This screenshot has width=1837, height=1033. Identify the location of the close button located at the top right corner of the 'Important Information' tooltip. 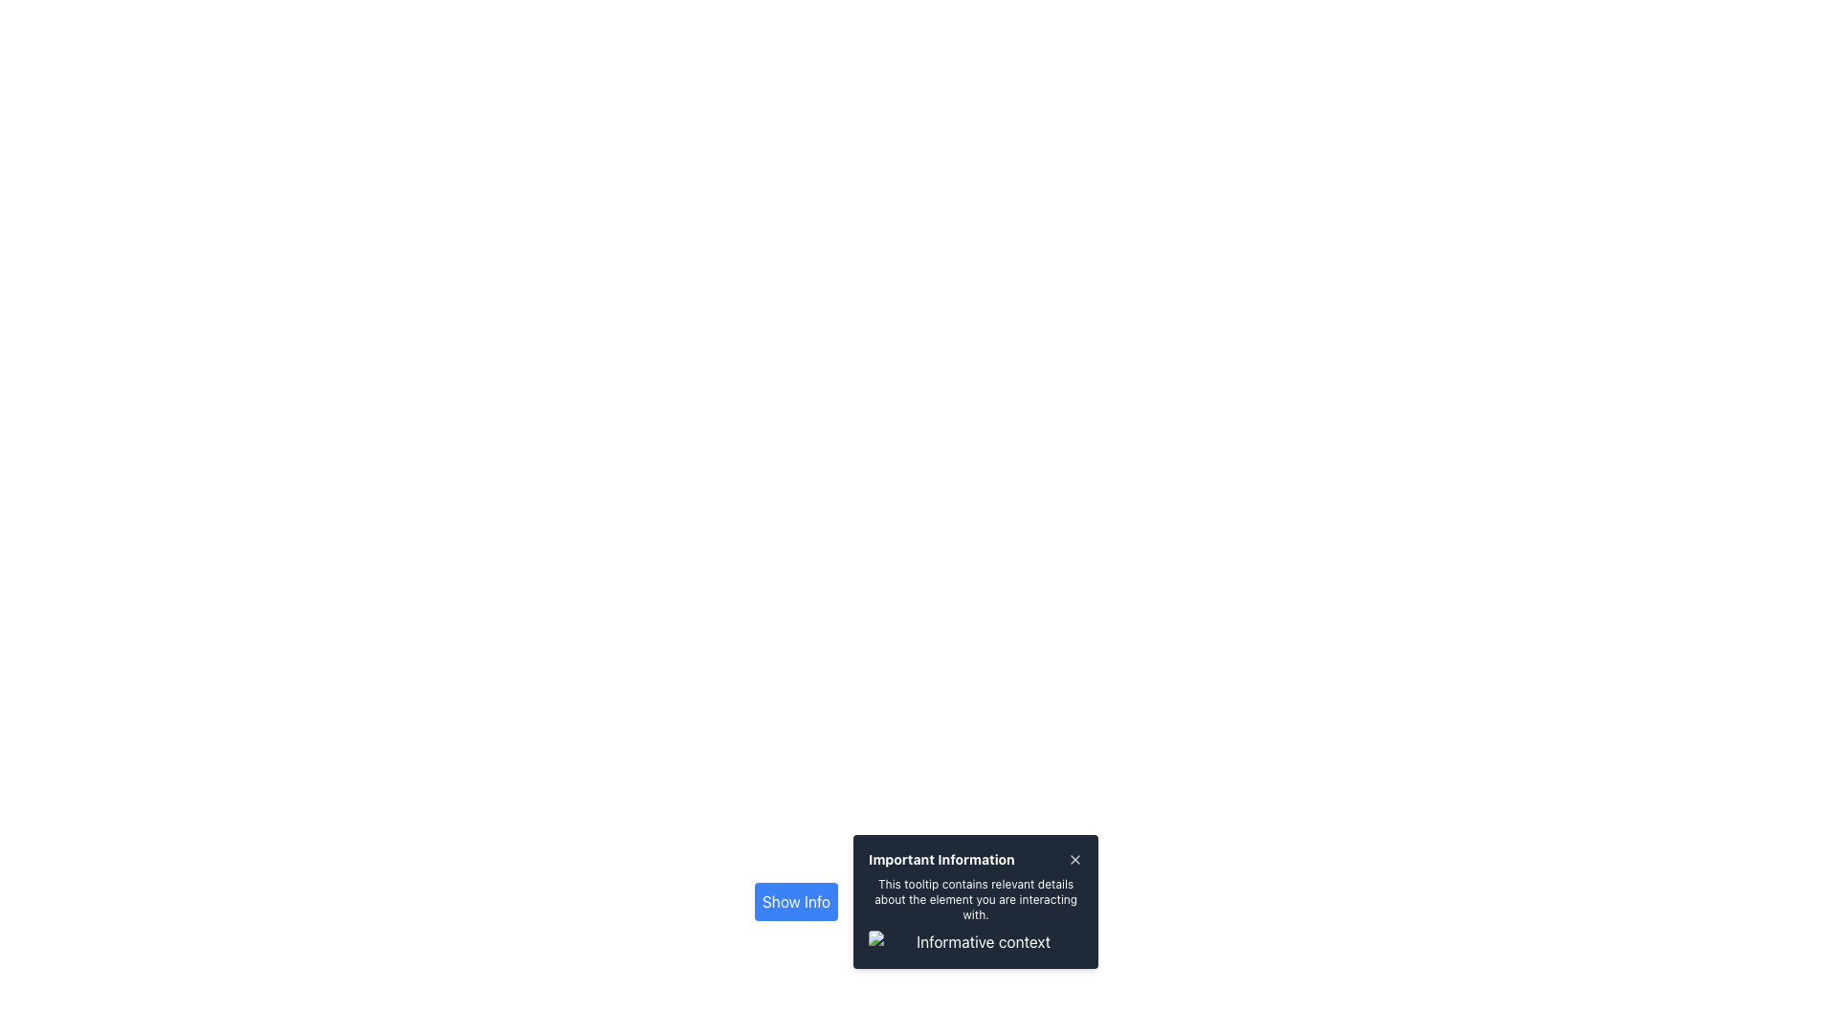
(1074, 858).